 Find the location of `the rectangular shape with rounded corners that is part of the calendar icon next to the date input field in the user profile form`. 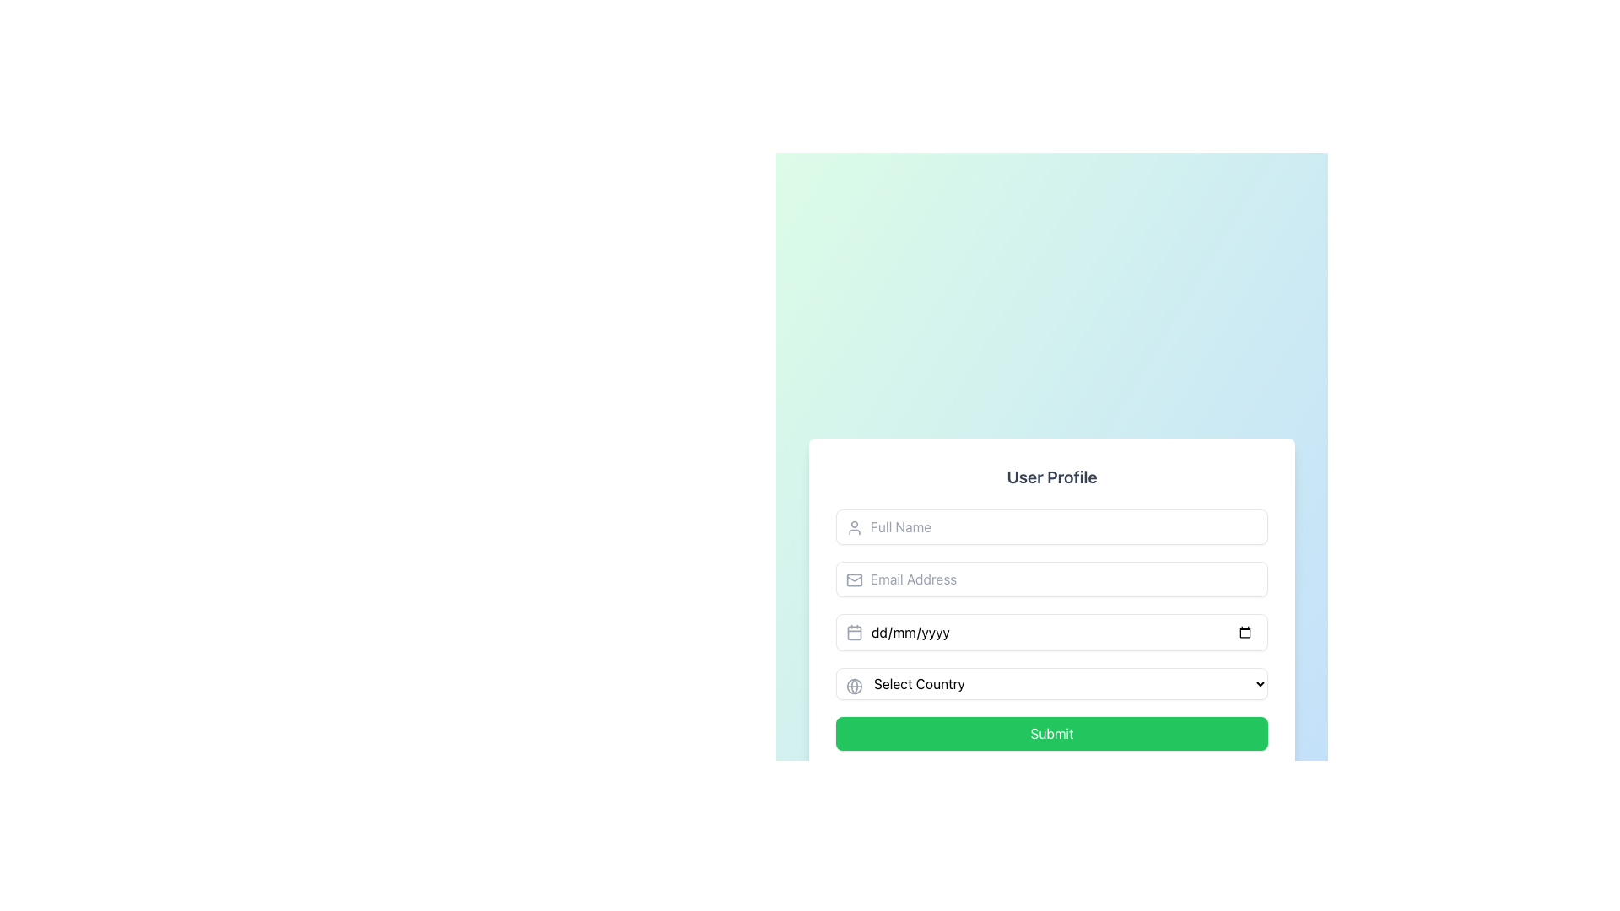

the rectangular shape with rounded corners that is part of the calendar icon next to the date input field in the user profile form is located at coordinates (854, 632).